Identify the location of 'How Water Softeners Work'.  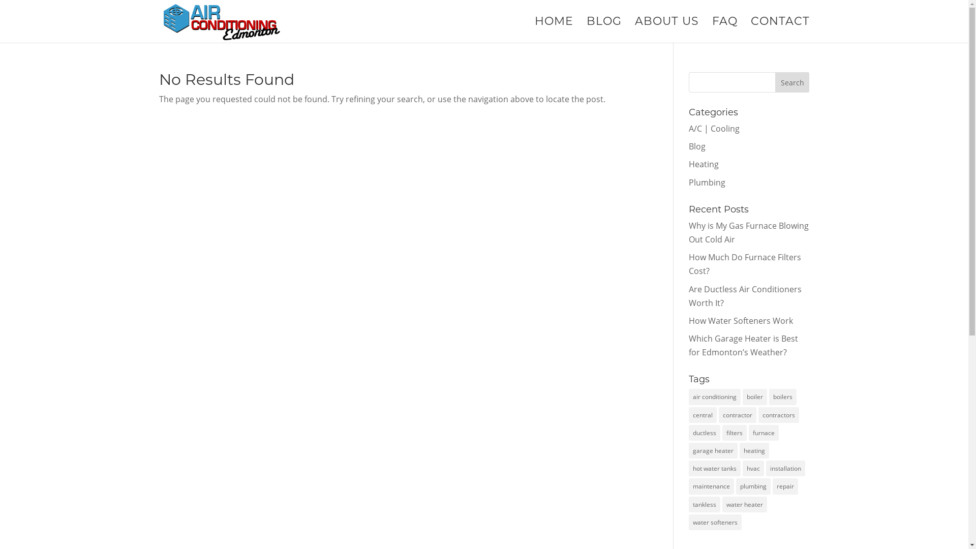
(688, 321).